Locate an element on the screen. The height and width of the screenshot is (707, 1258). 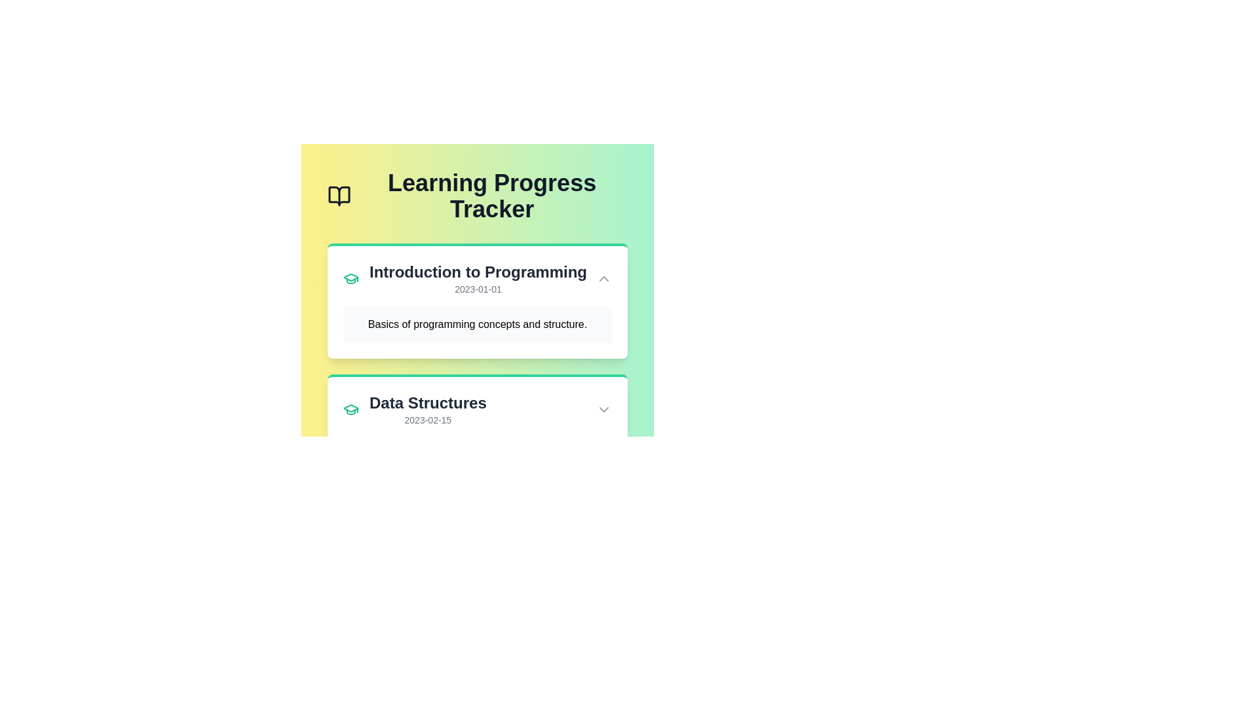
the static text block that provides introductory details for the 'Introduction to Programming' section, located below the title and date, and above the 'Data Structures' section is located at coordinates (477, 324).